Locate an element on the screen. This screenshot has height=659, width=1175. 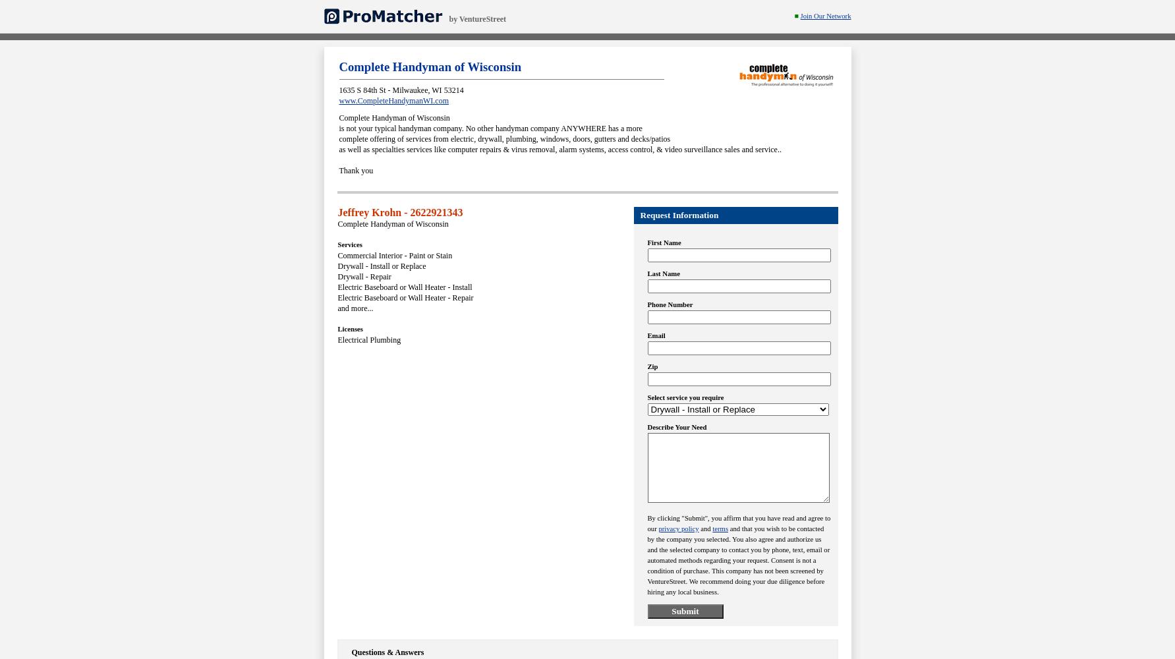
'Zip' is located at coordinates (646, 366).